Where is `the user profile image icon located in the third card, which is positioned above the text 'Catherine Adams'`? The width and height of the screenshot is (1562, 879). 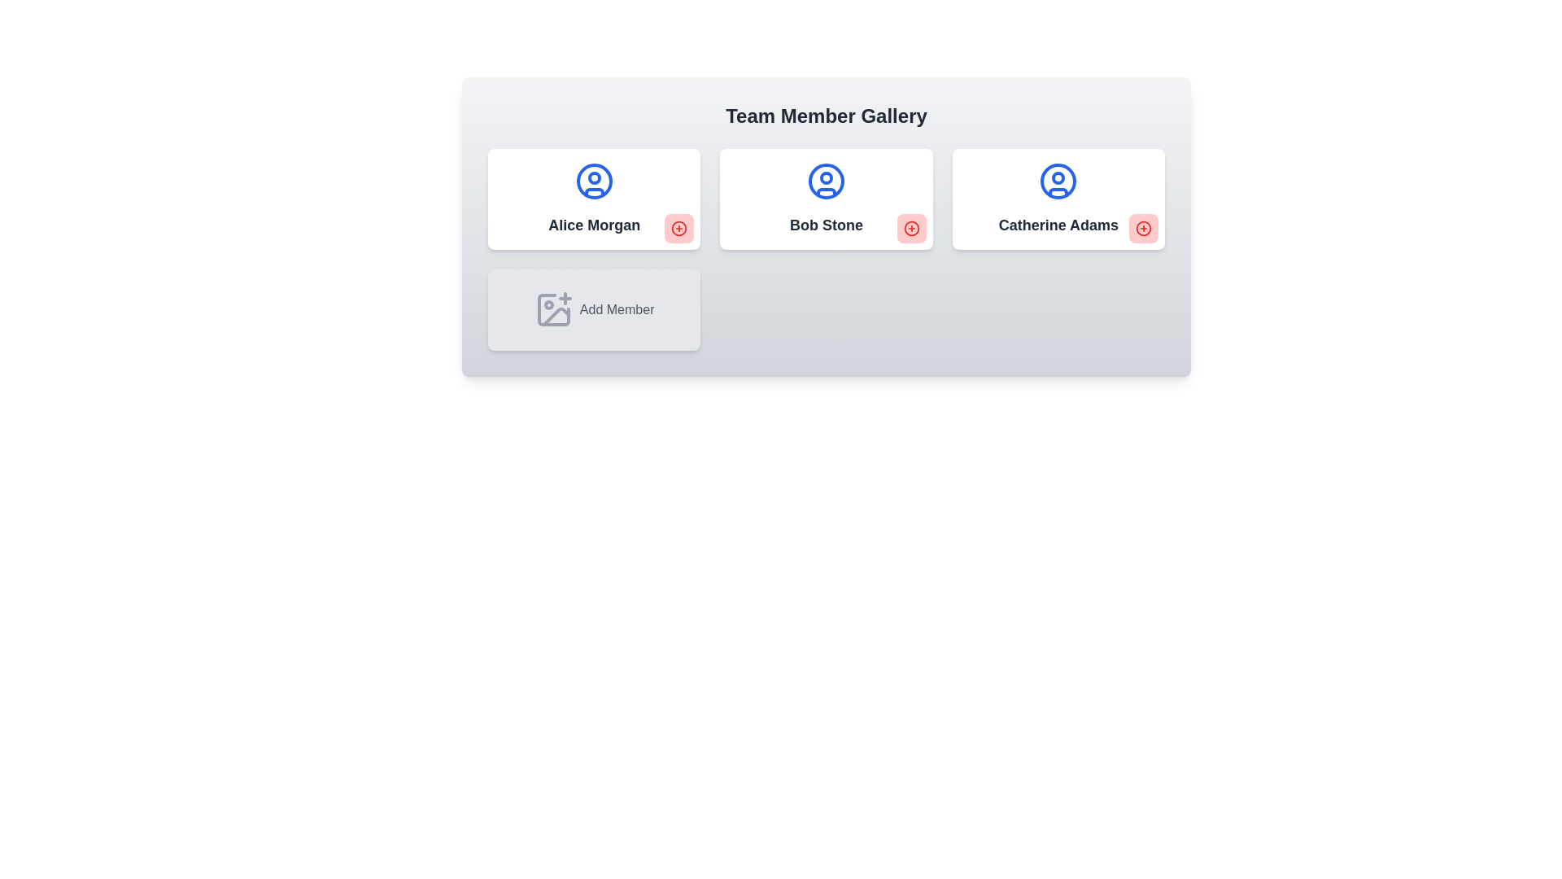 the user profile image icon located in the third card, which is positioned above the text 'Catherine Adams' is located at coordinates (1058, 181).